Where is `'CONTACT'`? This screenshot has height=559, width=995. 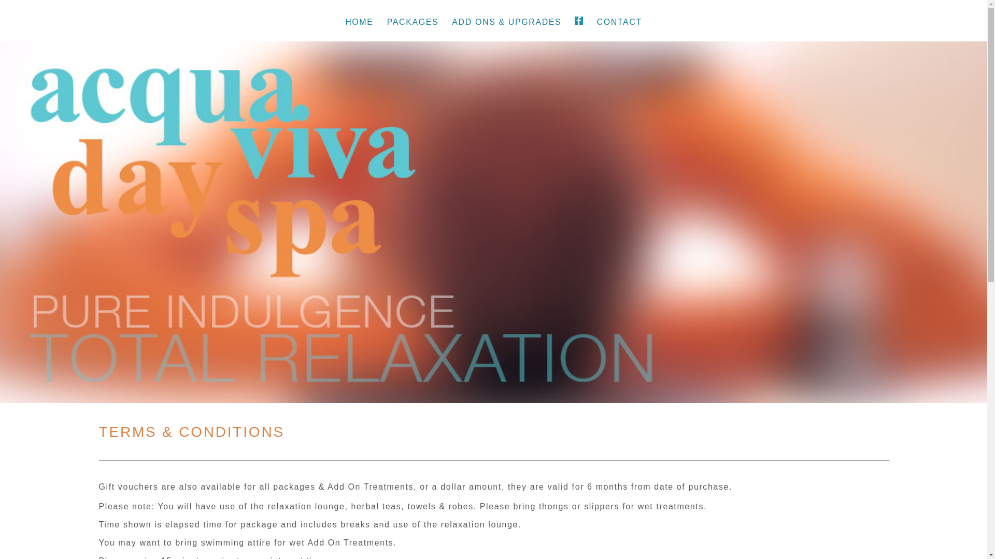 'CONTACT' is located at coordinates (619, 21).